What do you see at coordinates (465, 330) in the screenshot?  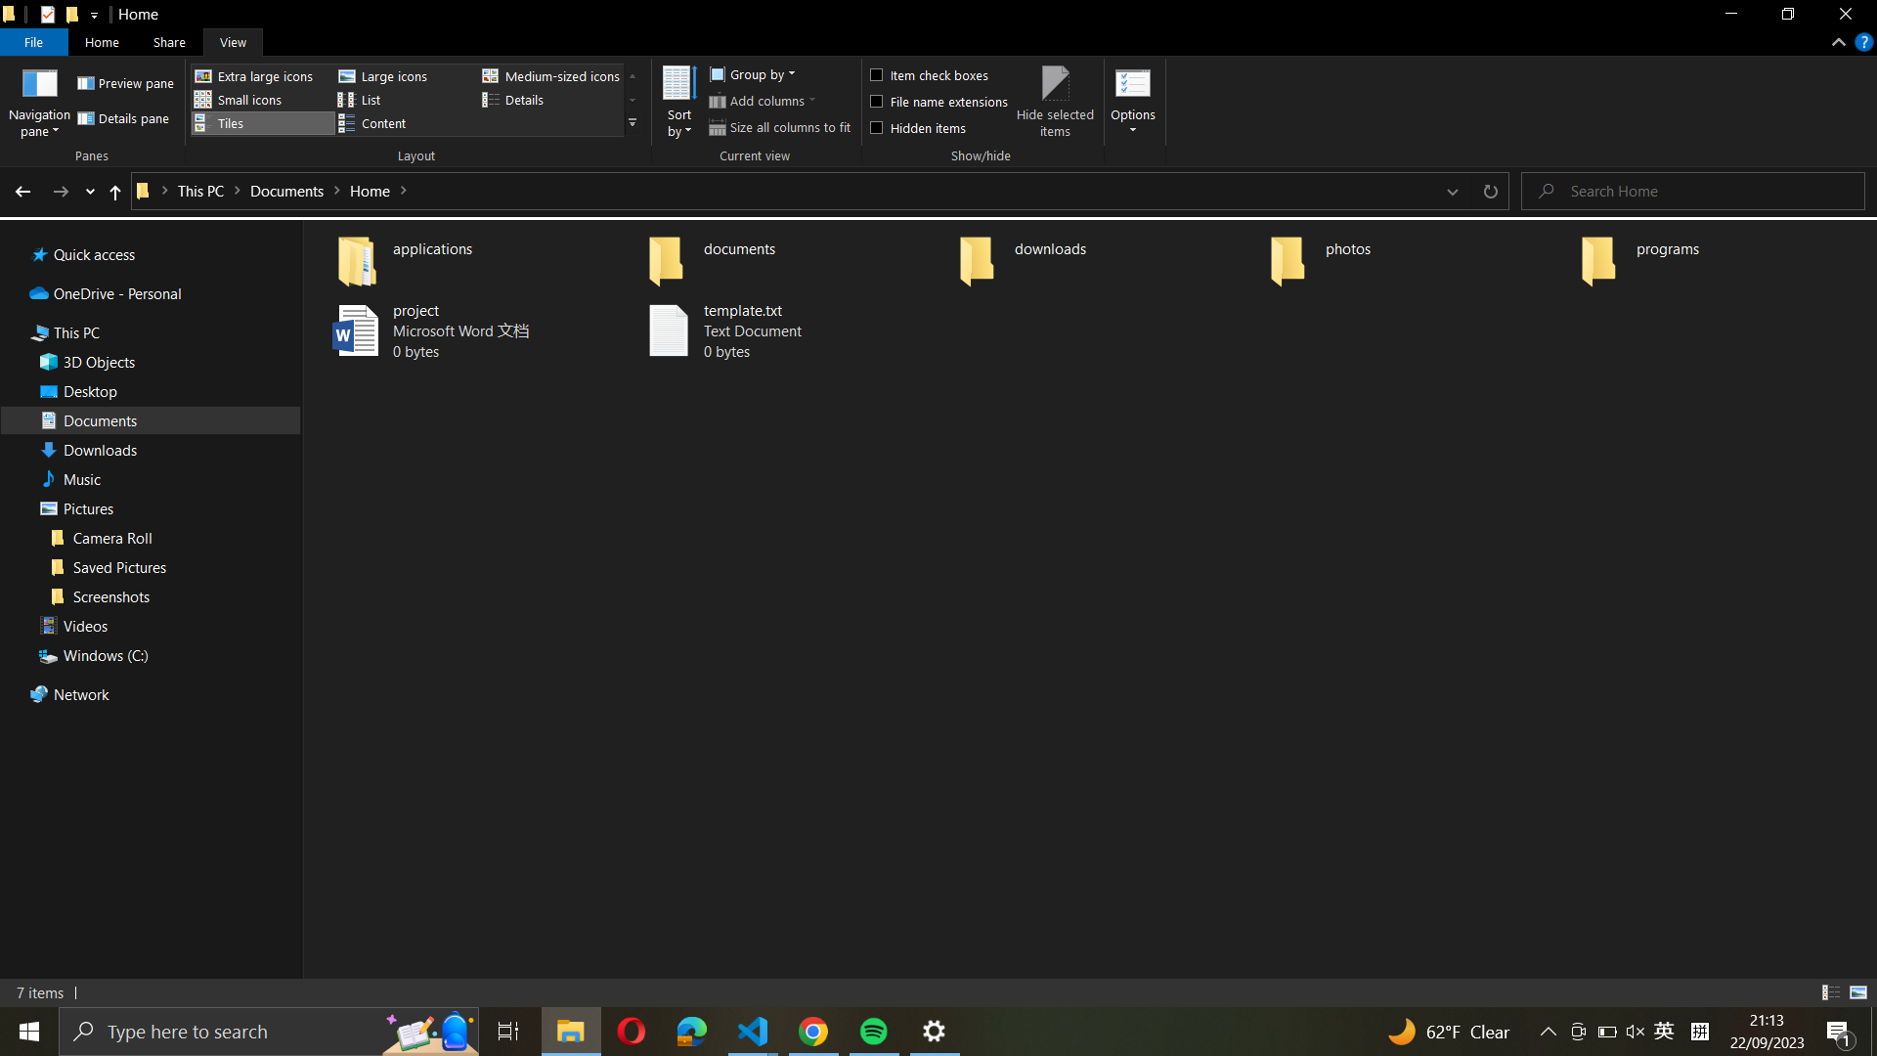 I see `the "project" file and store a backup as "project_backup` at bounding box center [465, 330].